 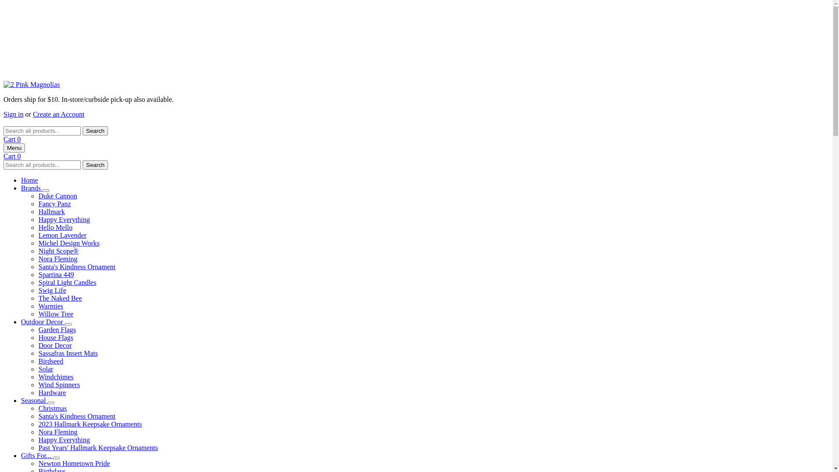 I want to click on 'Lemon Lavender', so click(x=62, y=235).